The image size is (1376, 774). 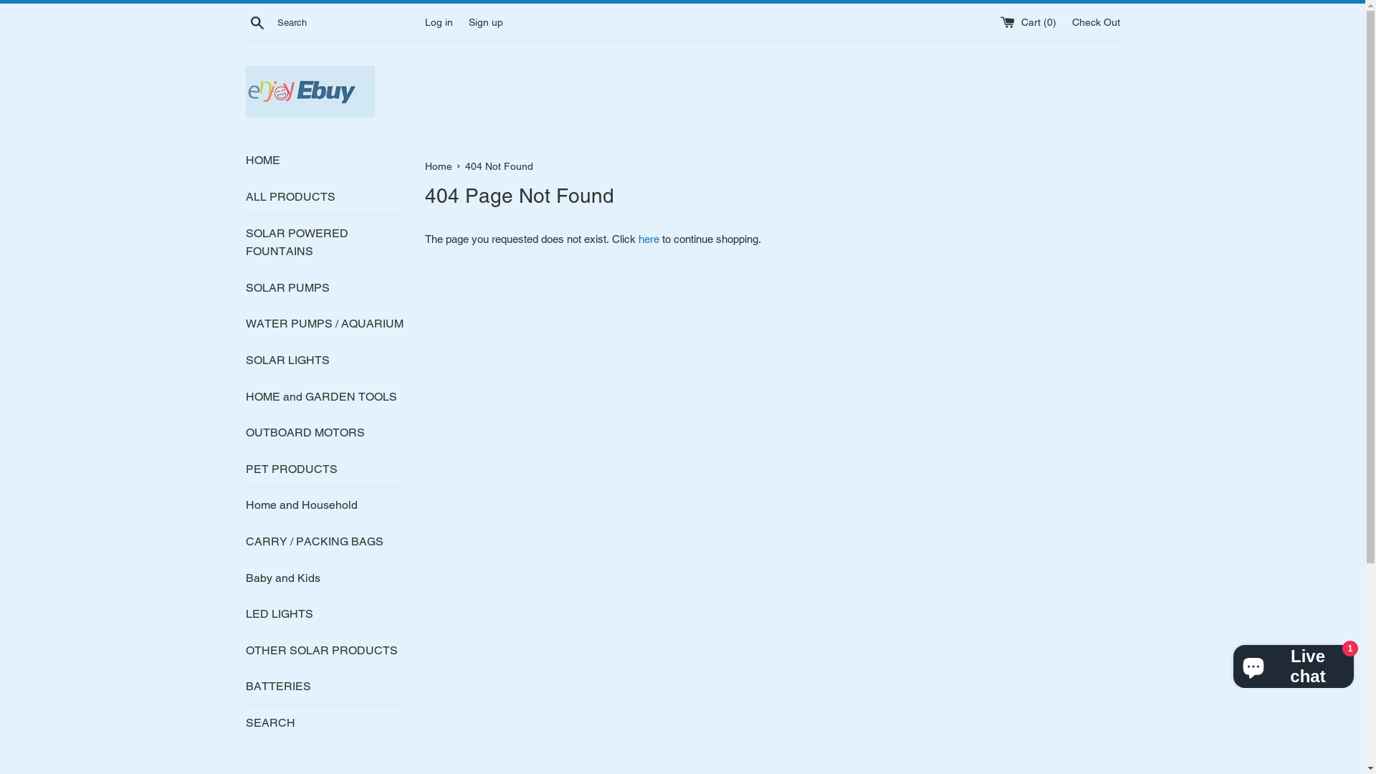 What do you see at coordinates (322, 160) in the screenshot?
I see `'HOME'` at bounding box center [322, 160].